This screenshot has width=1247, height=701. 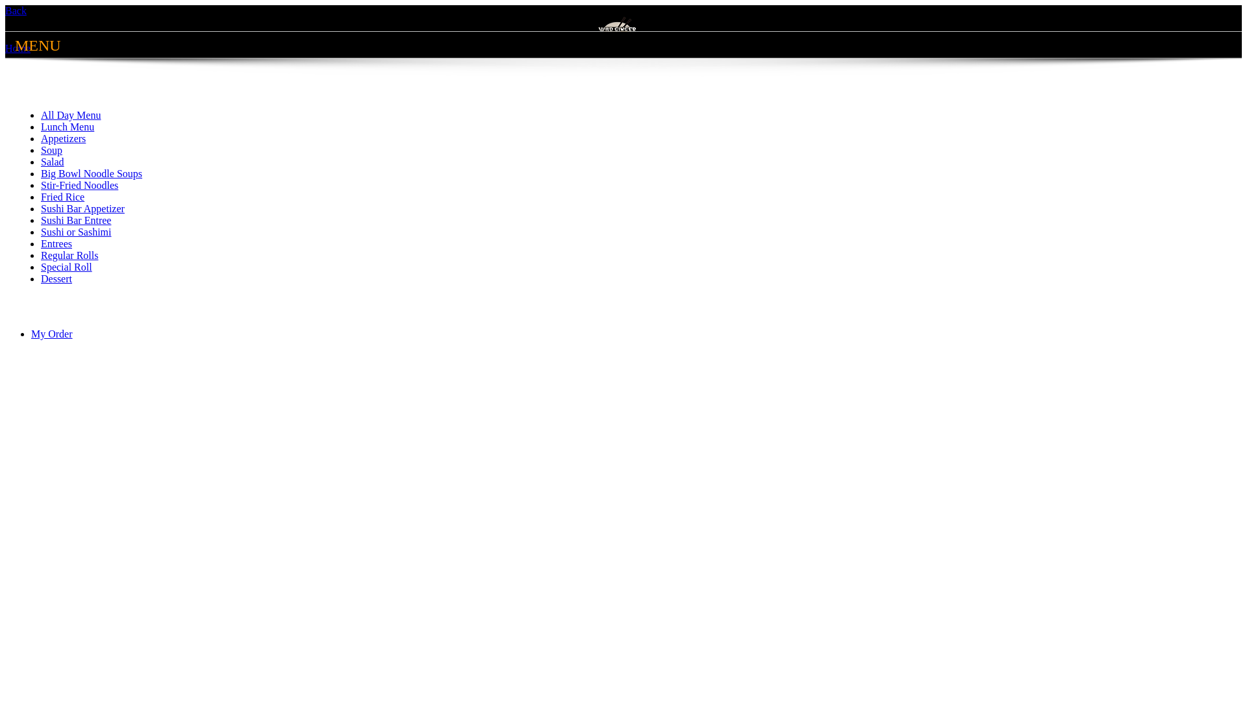 I want to click on 'Sushi or Sashimi', so click(x=75, y=231).